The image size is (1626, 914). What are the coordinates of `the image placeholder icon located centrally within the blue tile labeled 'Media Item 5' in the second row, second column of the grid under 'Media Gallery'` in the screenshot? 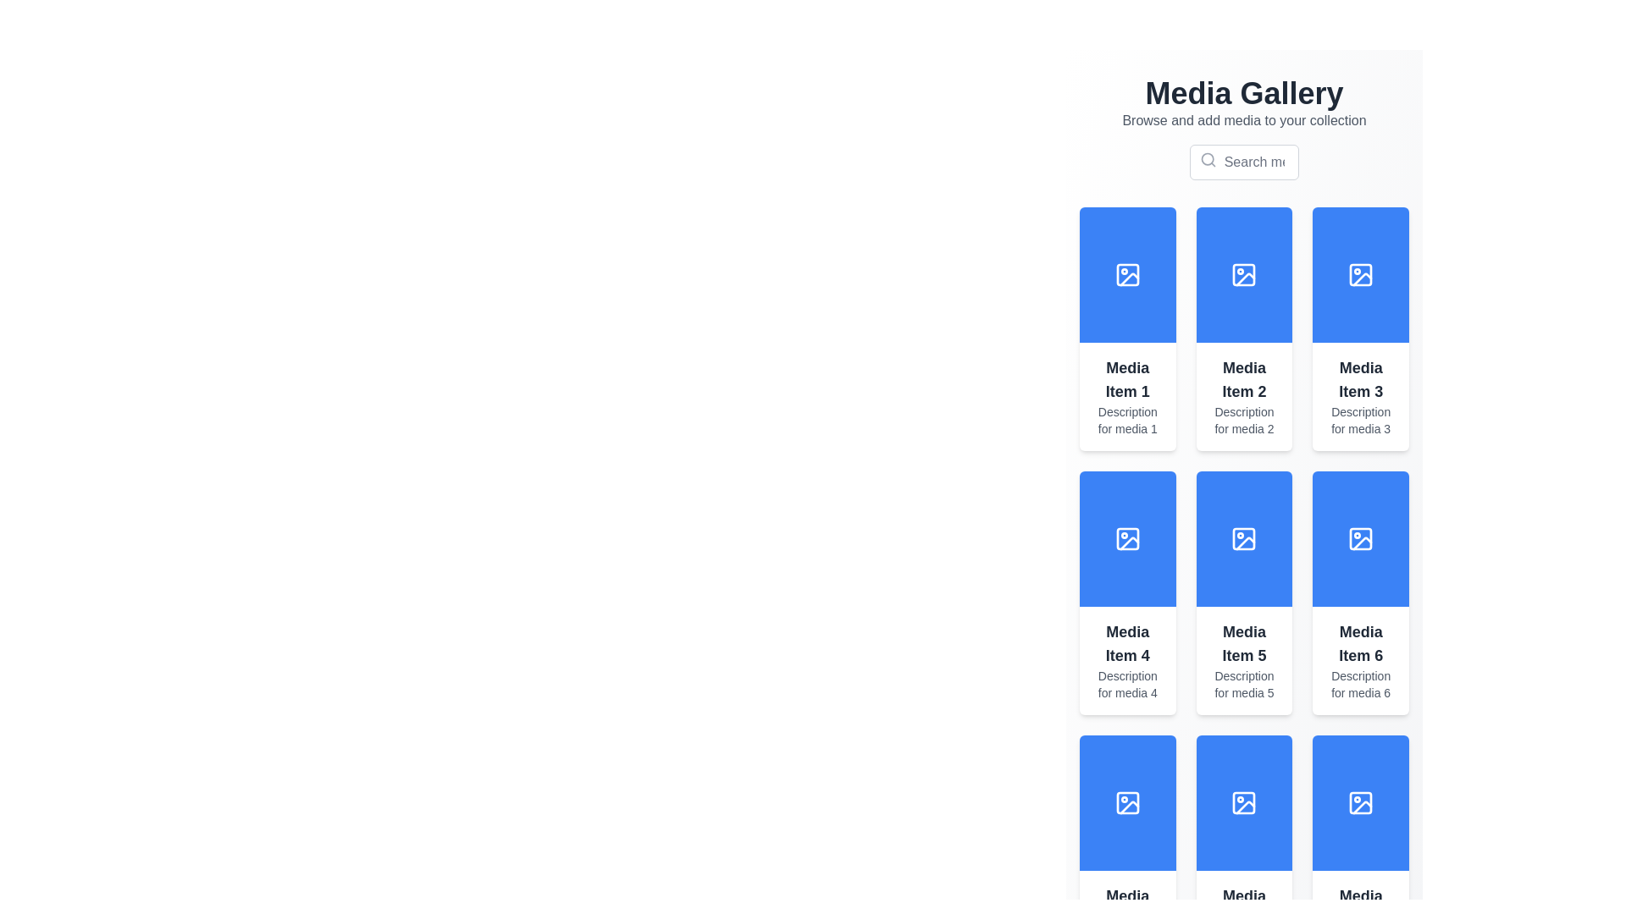 It's located at (1244, 538).